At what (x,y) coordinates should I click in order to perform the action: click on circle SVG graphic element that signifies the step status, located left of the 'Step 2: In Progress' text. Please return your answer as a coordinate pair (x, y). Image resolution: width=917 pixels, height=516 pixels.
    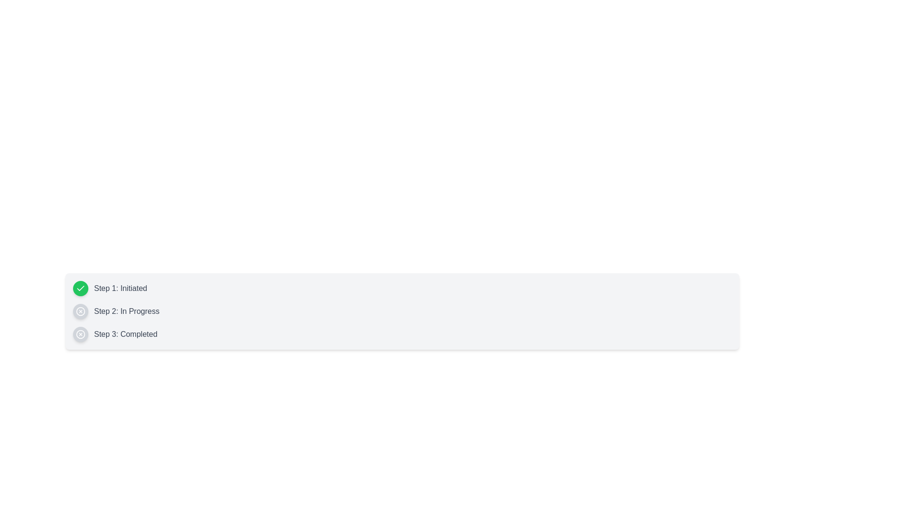
    Looking at the image, I should click on (80, 311).